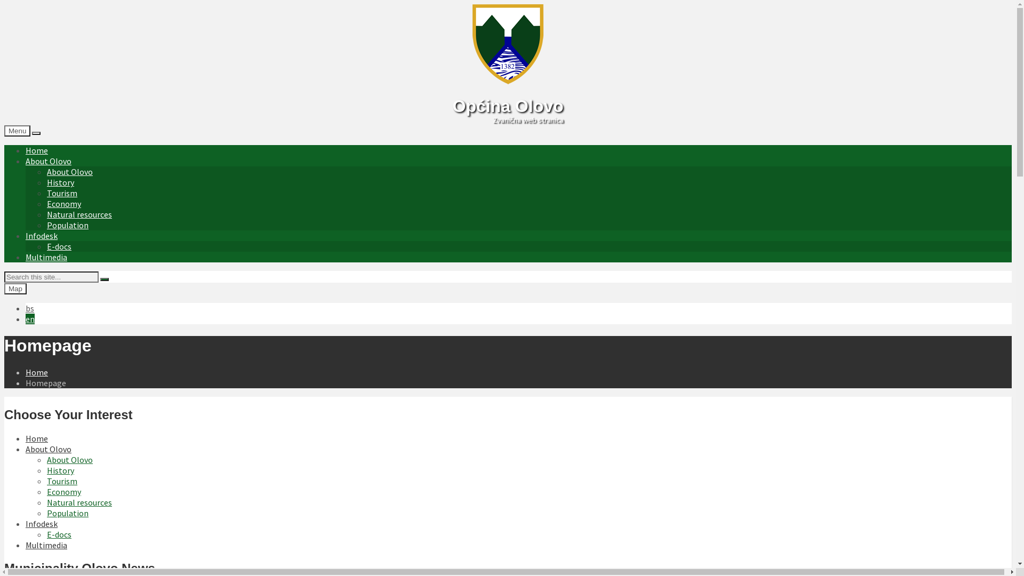 This screenshot has height=576, width=1024. Describe the element at coordinates (67, 512) in the screenshot. I see `'Population'` at that location.